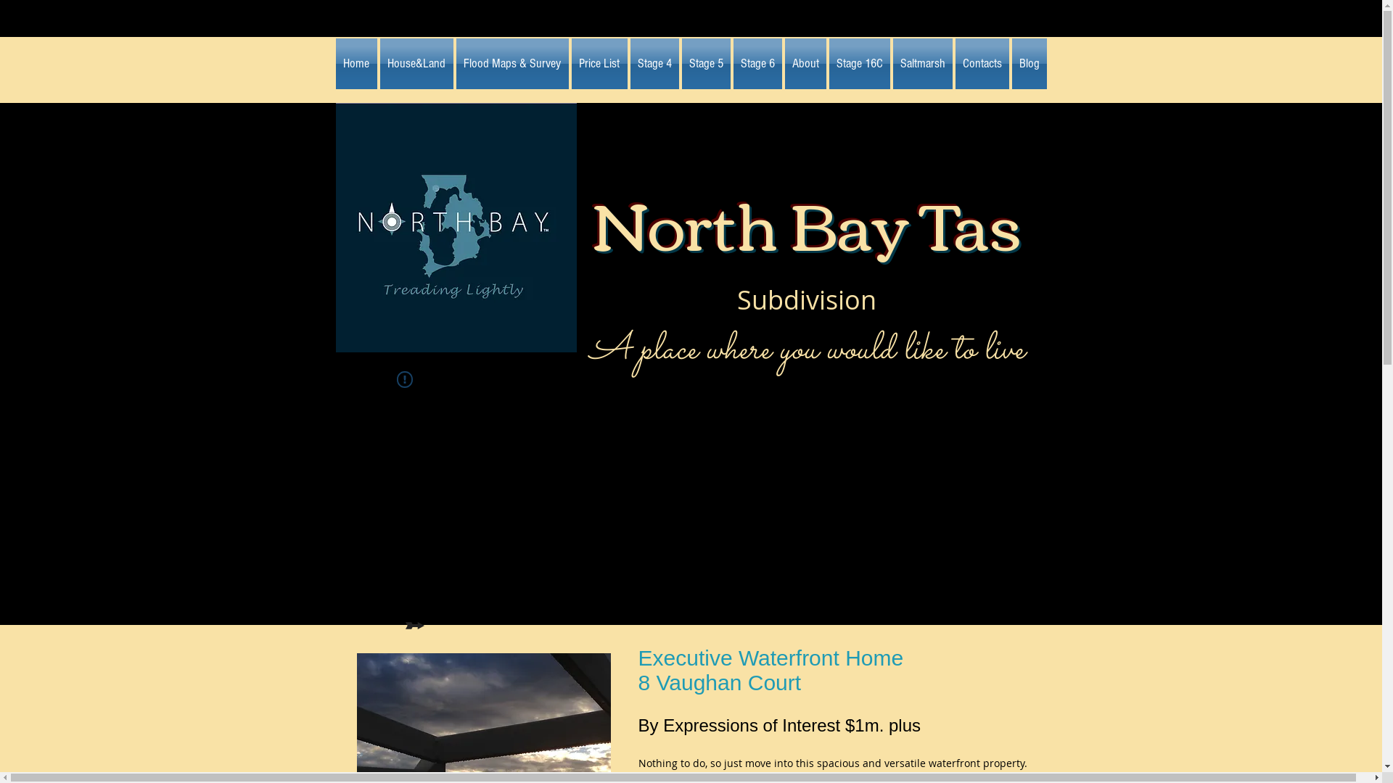 This screenshot has width=1393, height=783. I want to click on 'Stage 5', so click(679, 63).